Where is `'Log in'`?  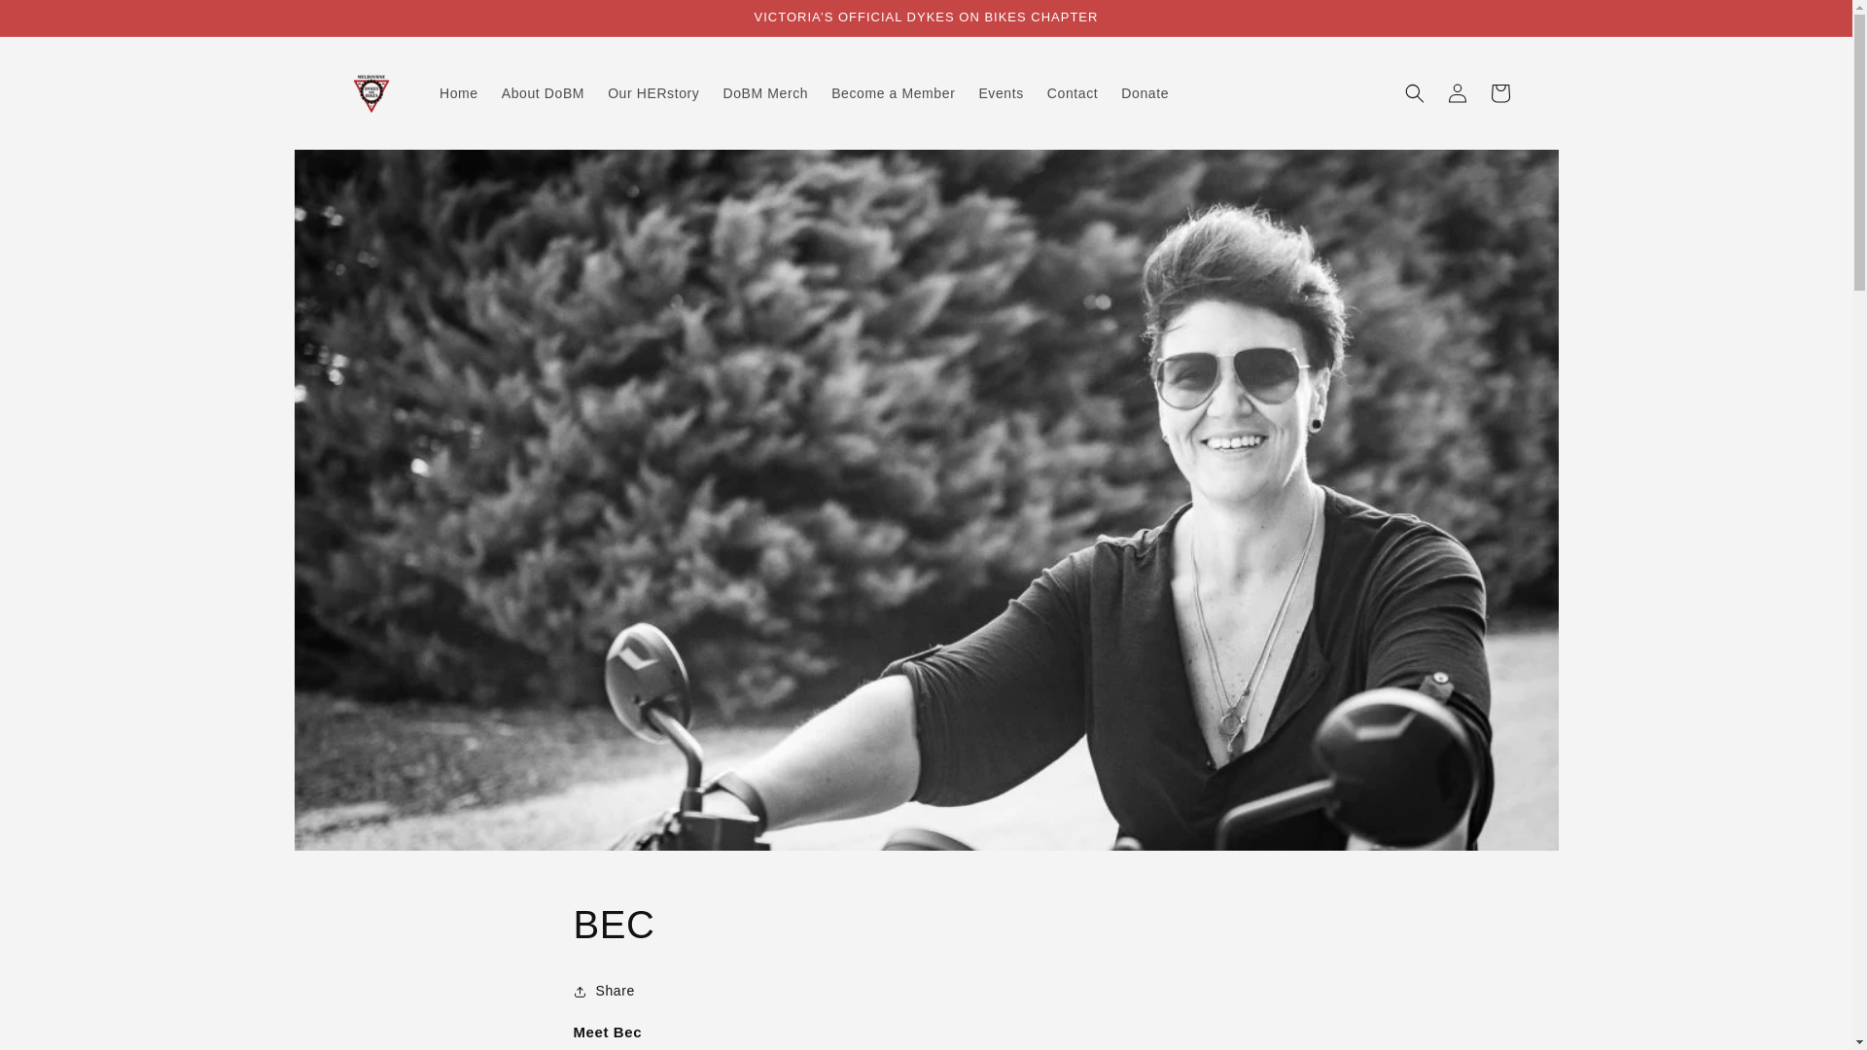
'Log in' is located at coordinates (1456, 93).